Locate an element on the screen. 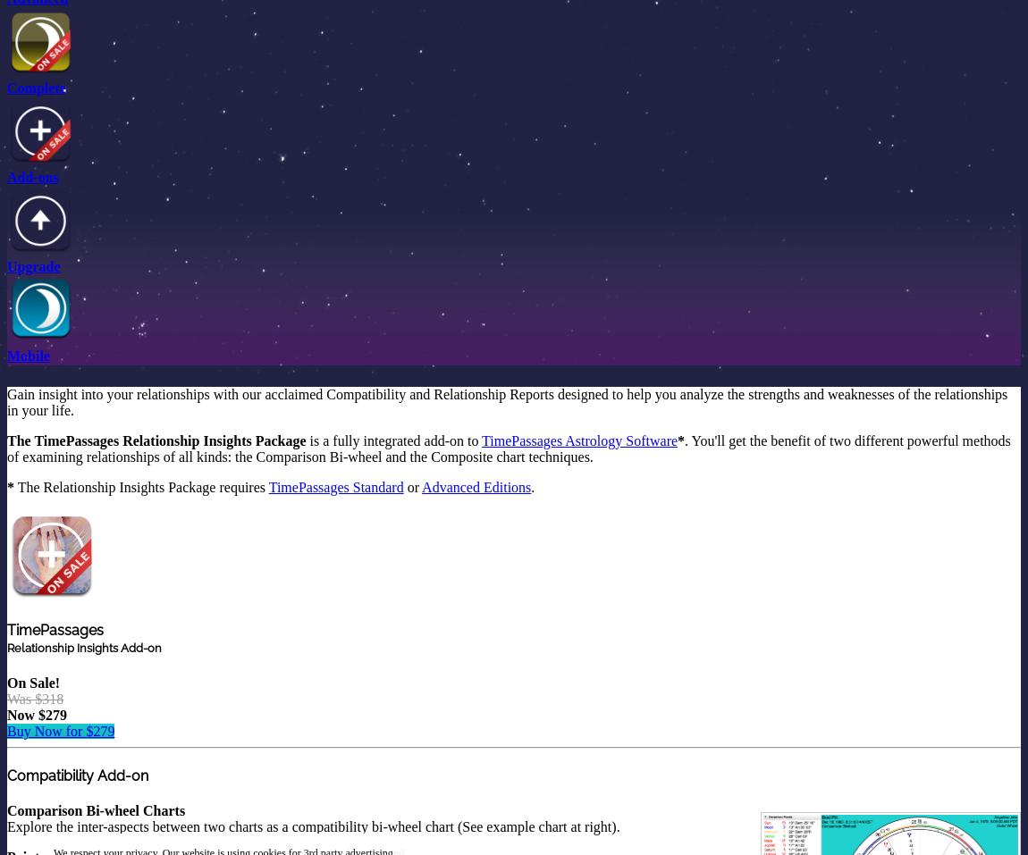 The height and width of the screenshot is (855, 1028). 'Gain insight into your relationships with our acclaimed Compatibility and Relationship Reports designed to help you analyze the strengths and weaknesses of the relationships in your life.' is located at coordinates (6, 401).